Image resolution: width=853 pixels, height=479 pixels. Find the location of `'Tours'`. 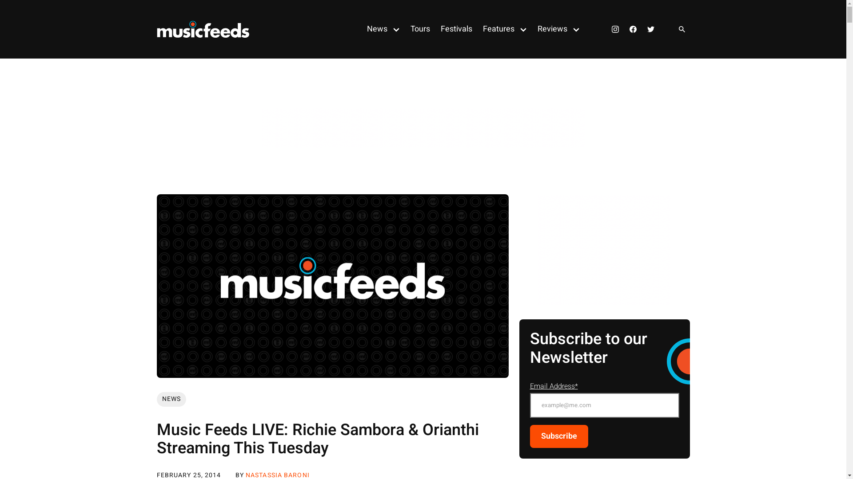

'Tours' is located at coordinates (405, 28).